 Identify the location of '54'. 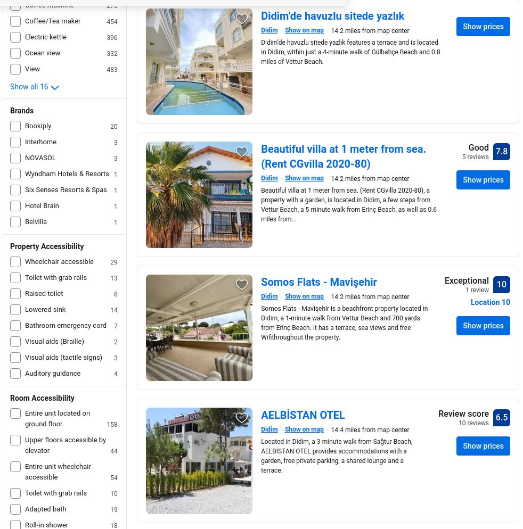
(113, 477).